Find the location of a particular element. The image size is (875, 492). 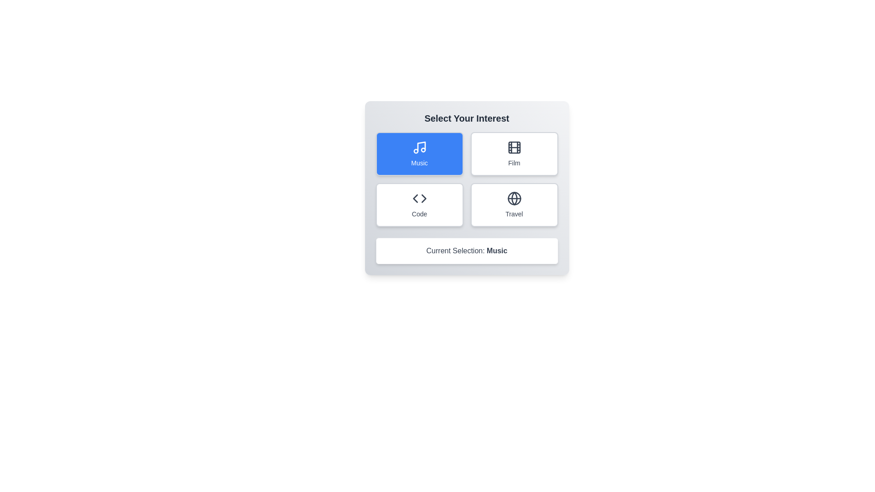

the option Travel from the grid is located at coordinates (514, 205).